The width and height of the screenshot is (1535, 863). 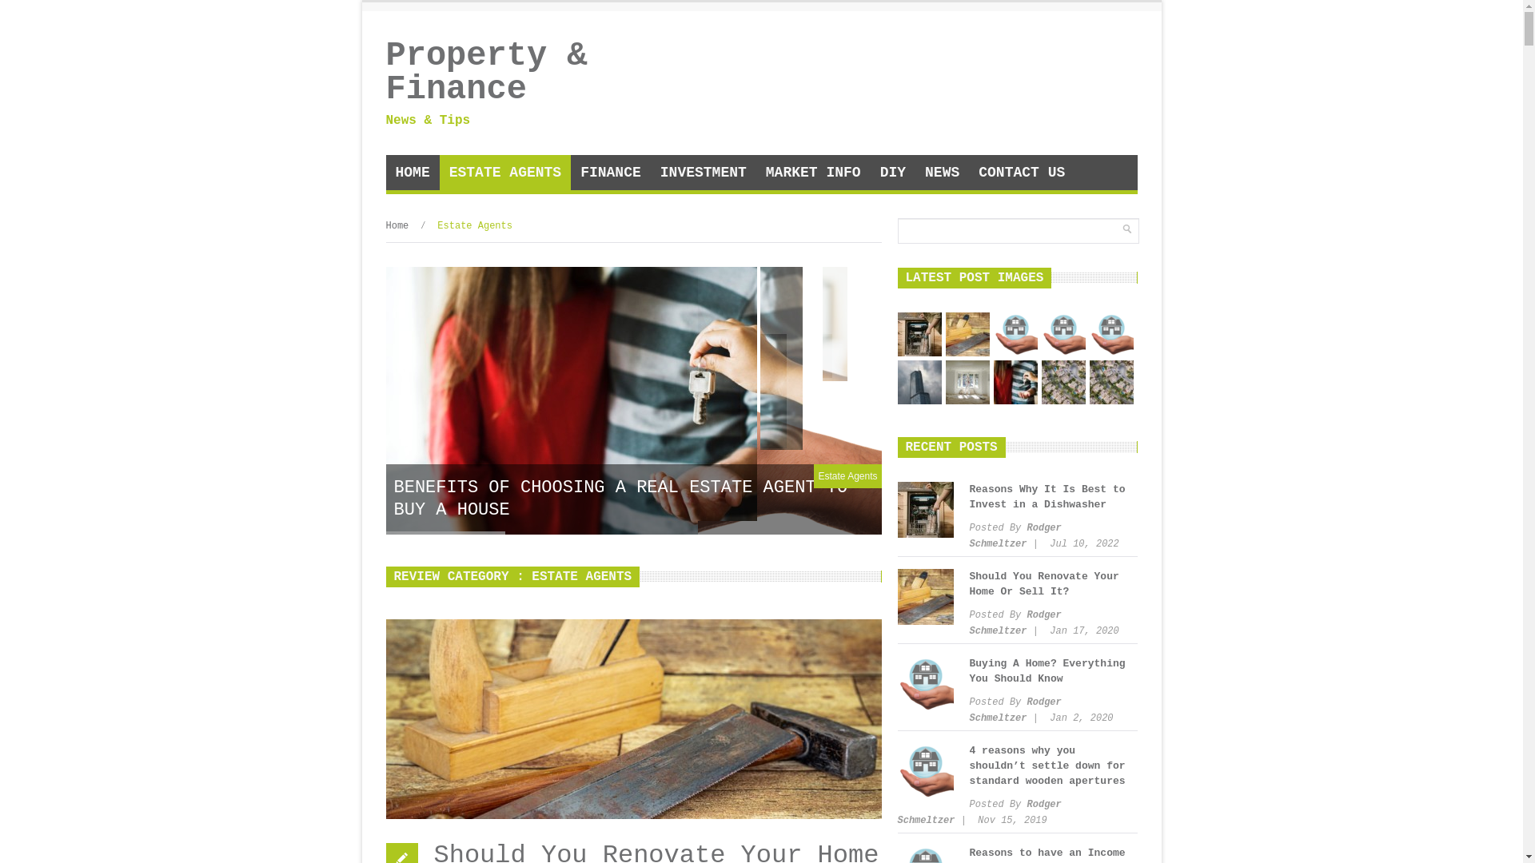 I want to click on 'Home', so click(x=397, y=225).